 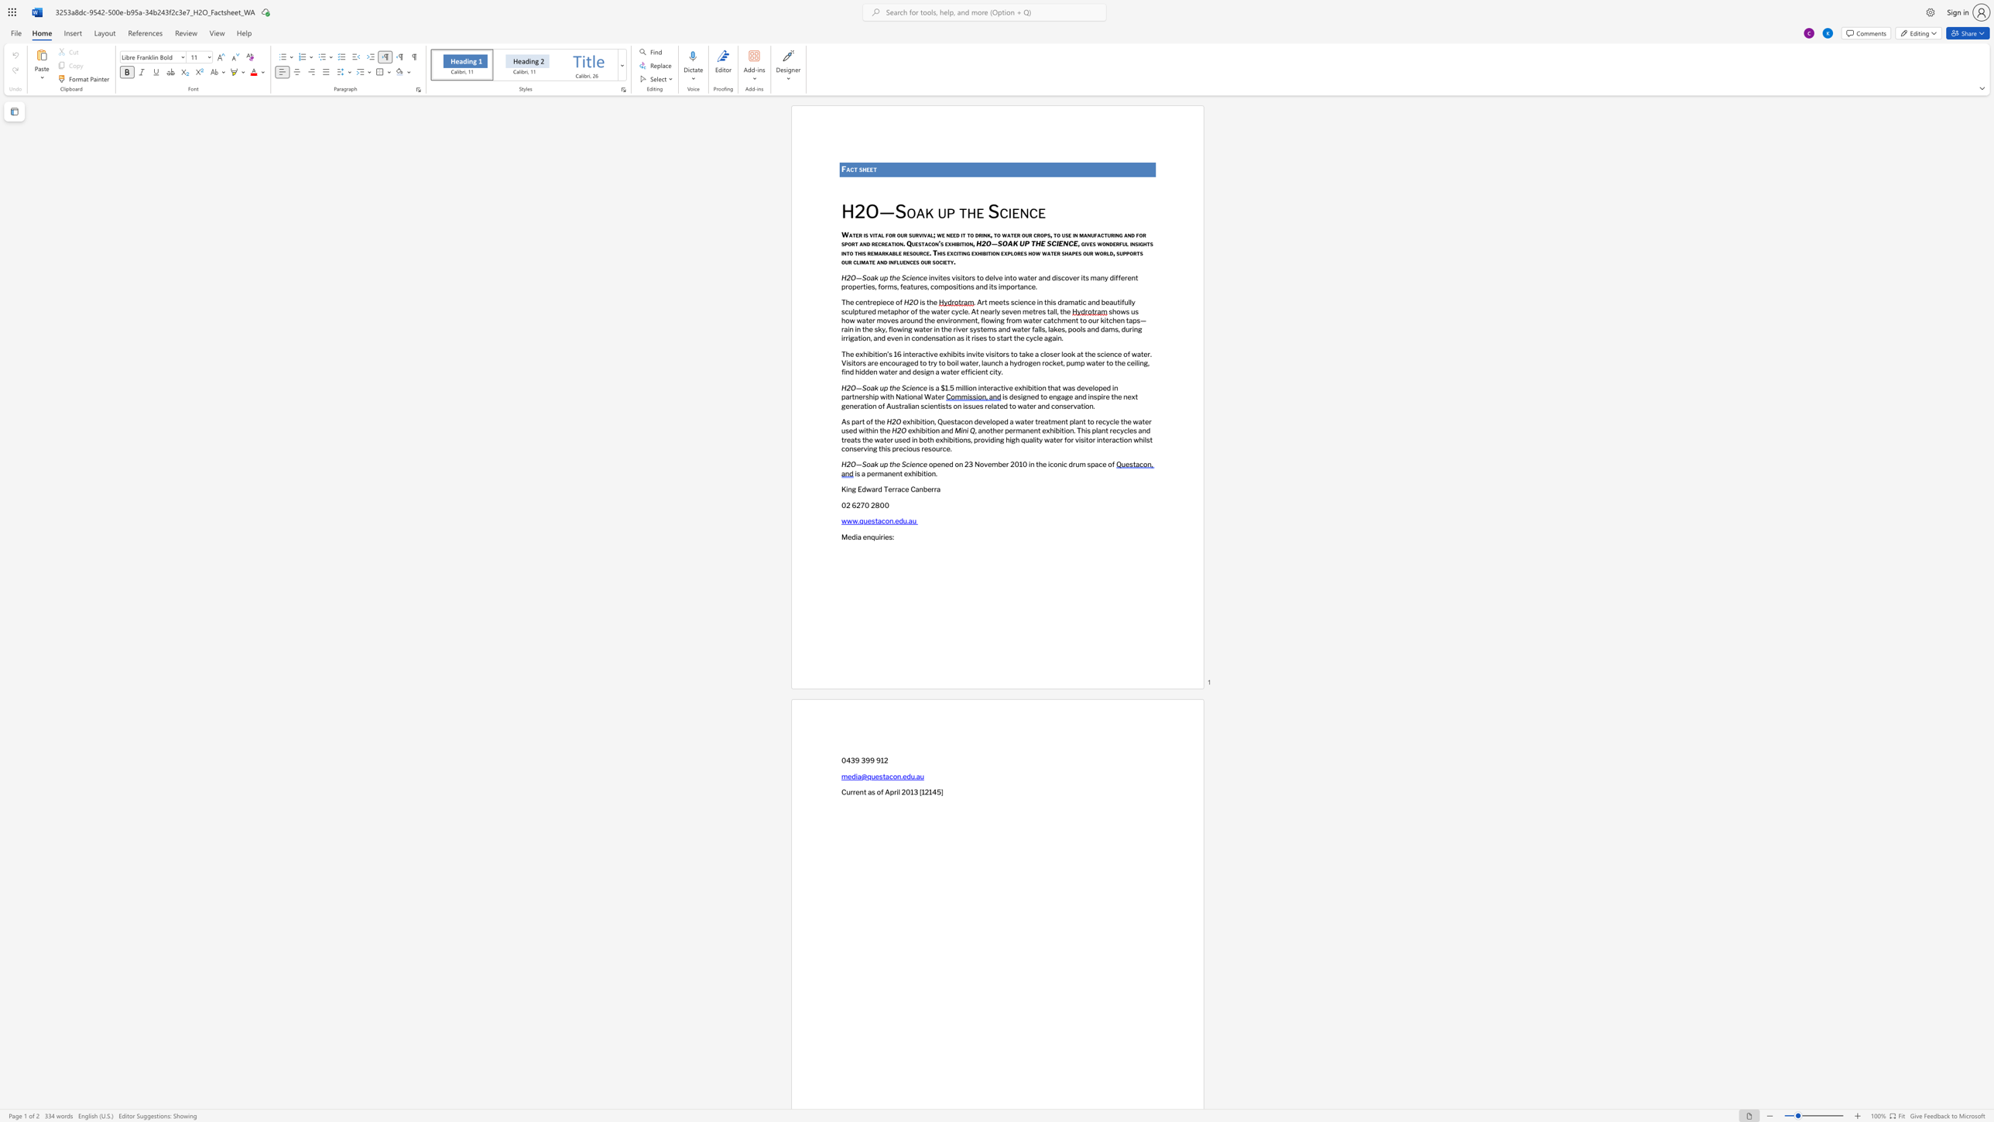 I want to click on the subset text ".edu." within the text "www.questacon.edu.au", so click(x=893, y=521).